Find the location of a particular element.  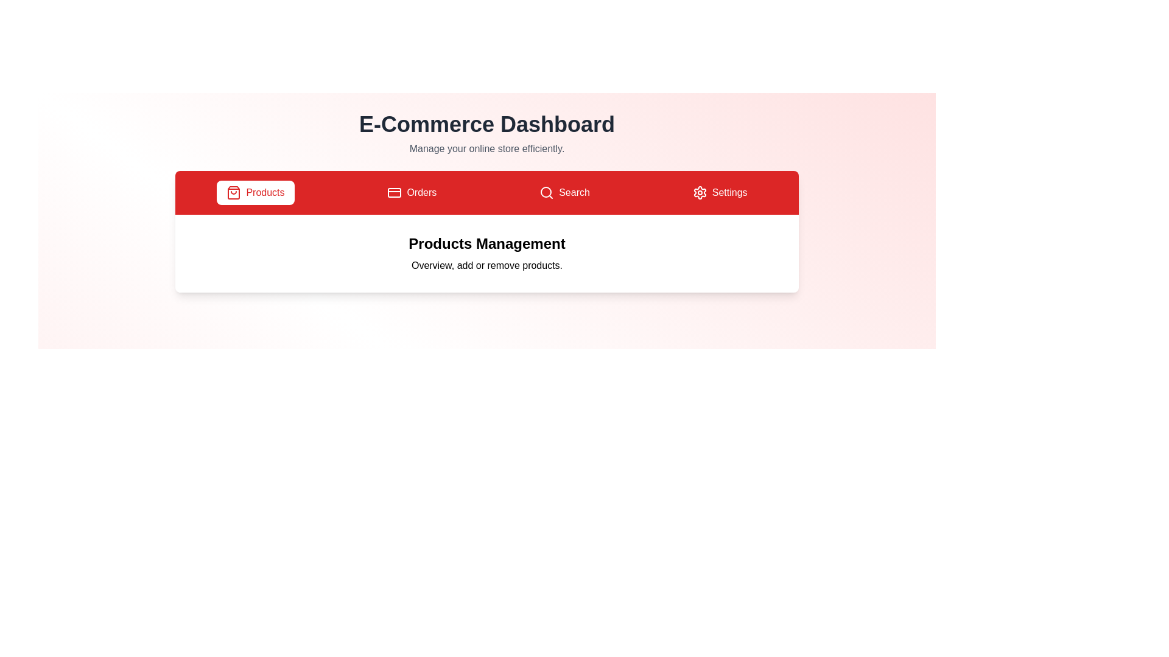

the bold textual header reading 'Products Management' which is positioned centrally beneath the red navigation bar is located at coordinates (487, 244).